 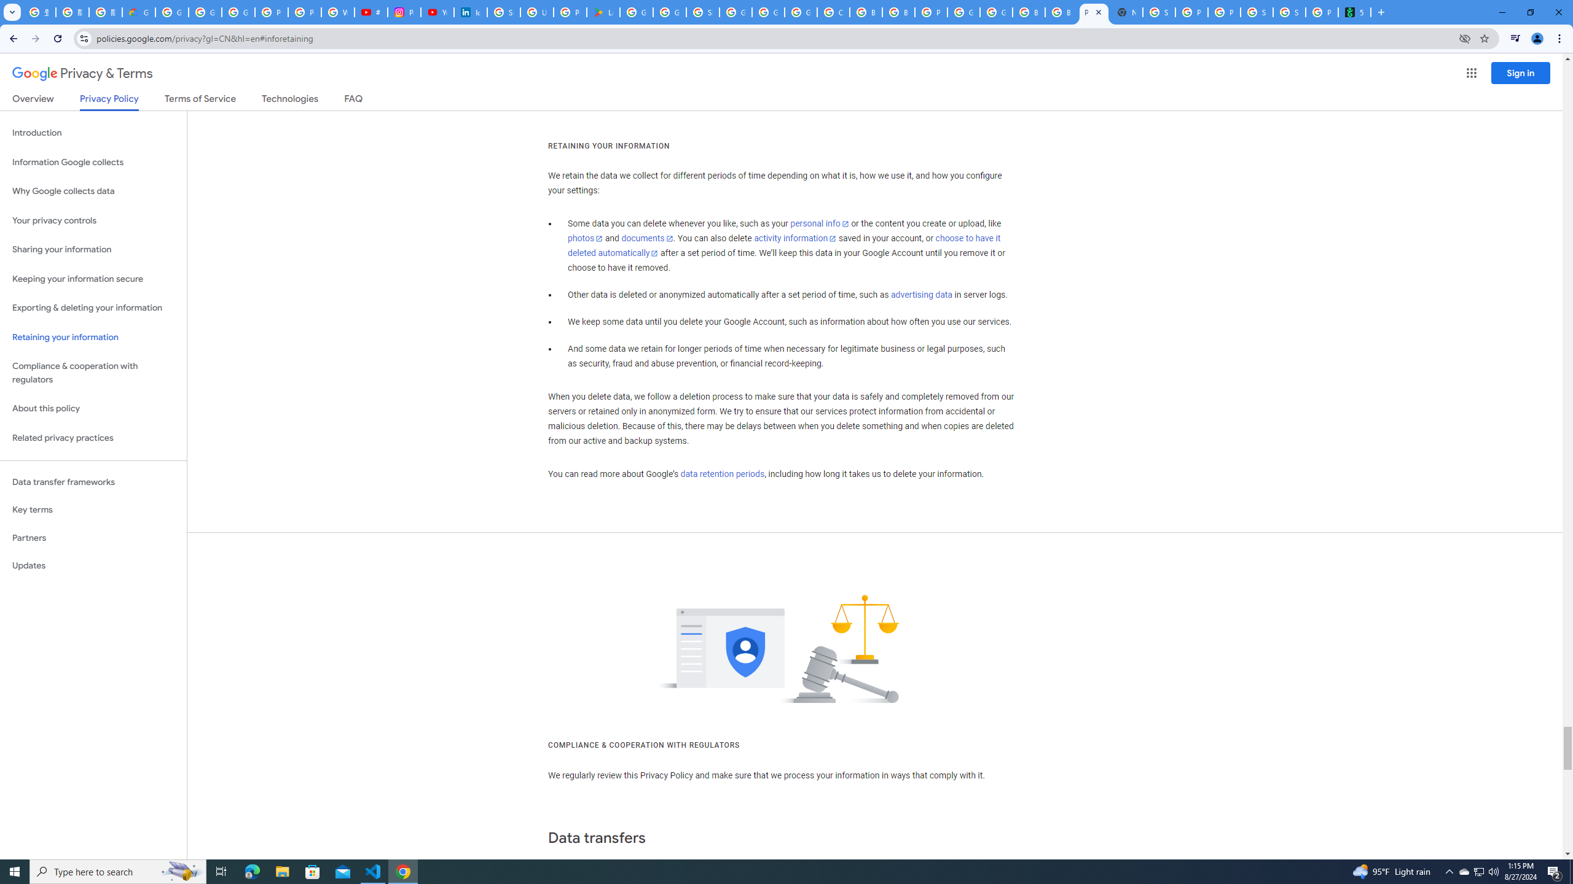 What do you see at coordinates (200, 101) in the screenshot?
I see `'Terms of Service'` at bounding box center [200, 101].